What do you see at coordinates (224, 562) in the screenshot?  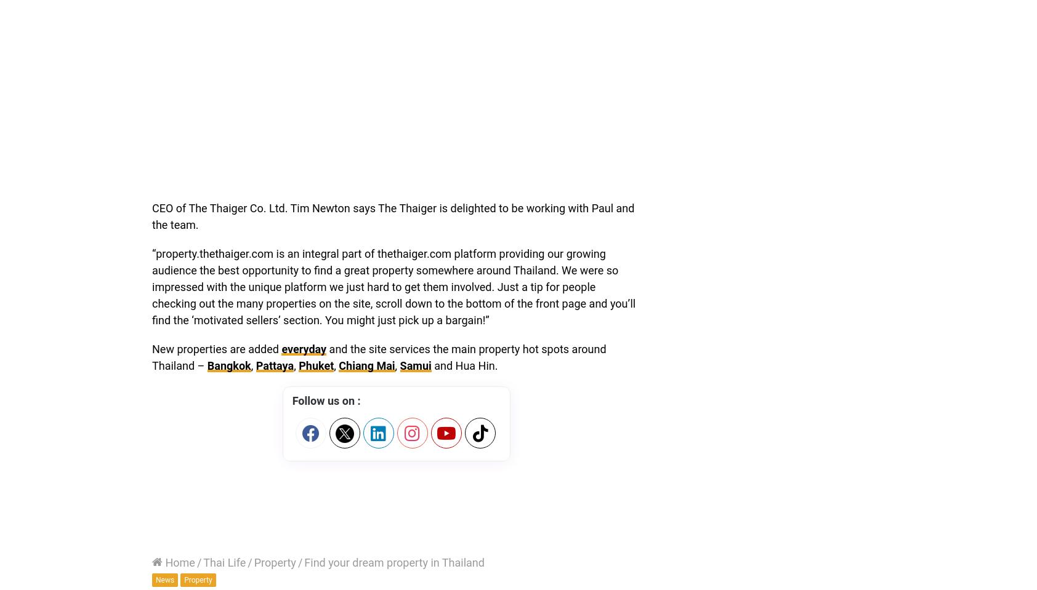 I see `'Thai Life'` at bounding box center [224, 562].